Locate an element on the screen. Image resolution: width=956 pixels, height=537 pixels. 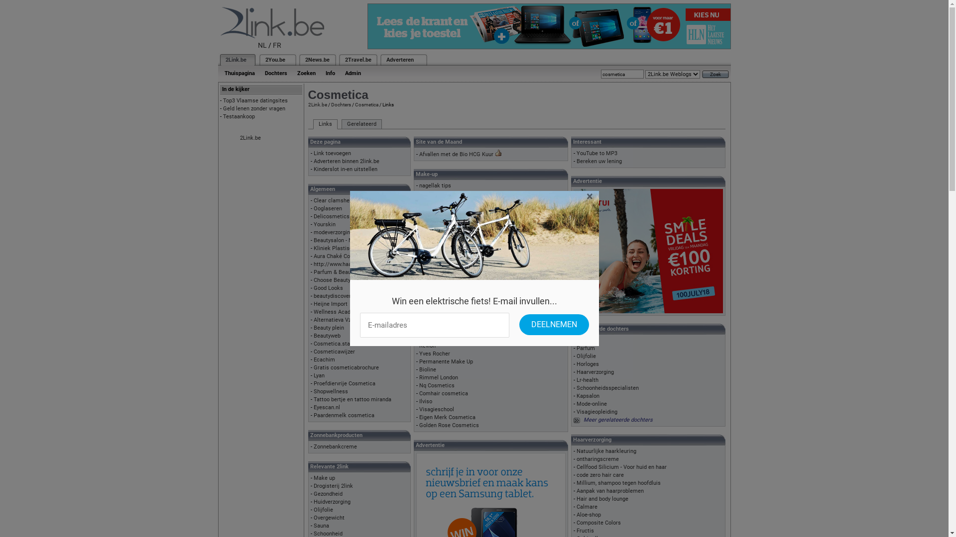
'Beauty plein' is located at coordinates (329, 328).